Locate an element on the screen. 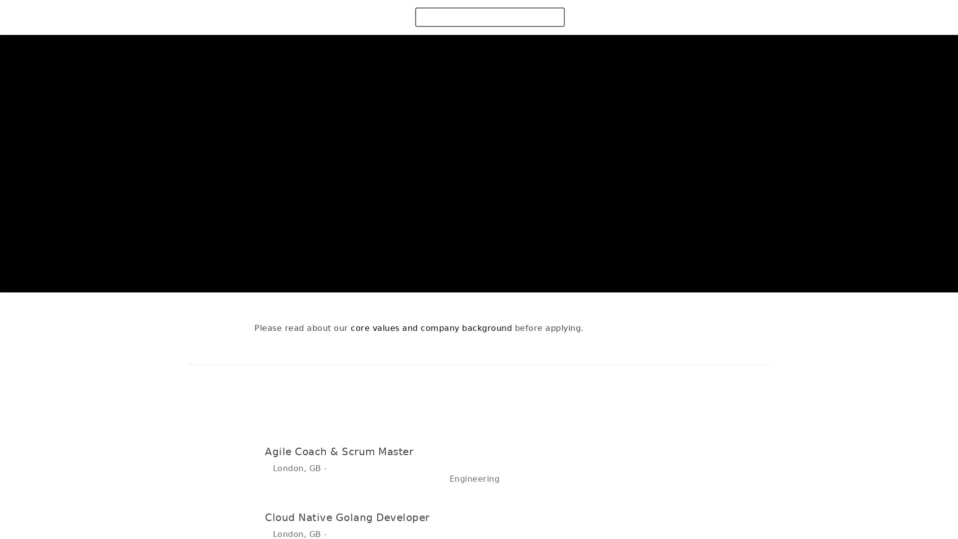  Apply is located at coordinates (671, 512).